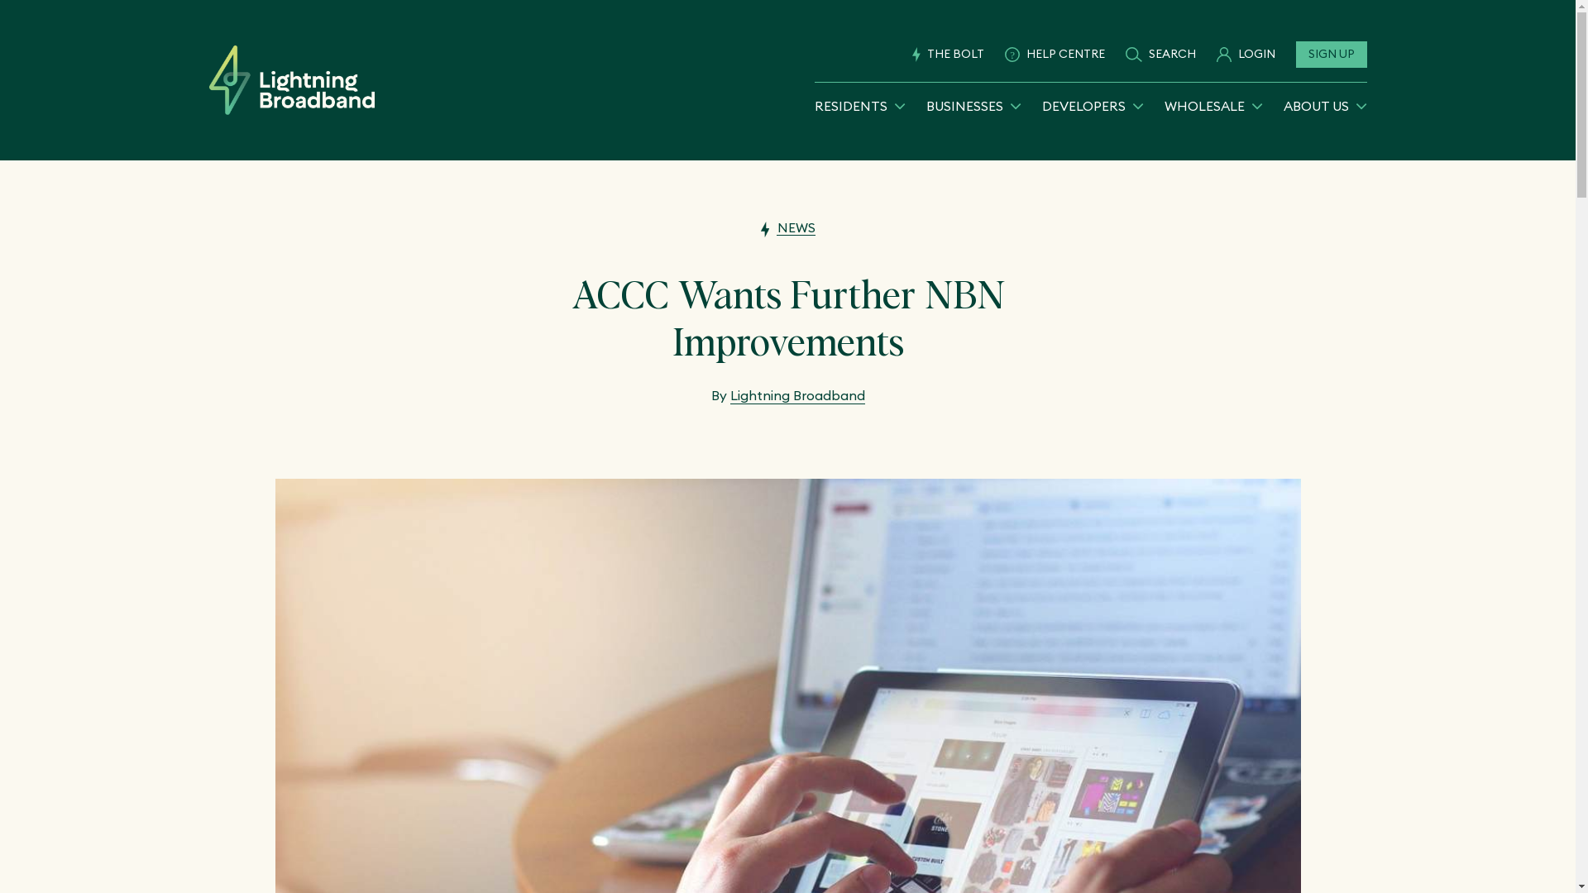  I want to click on 'WHOLESALE', so click(1213, 106).